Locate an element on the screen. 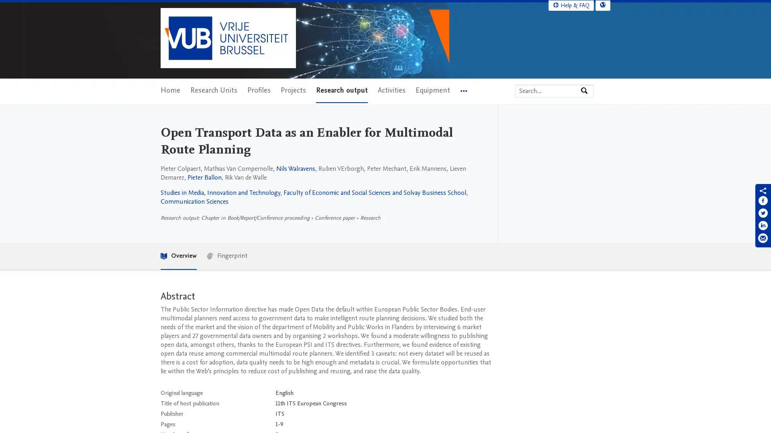  Search is located at coordinates (586, 90).